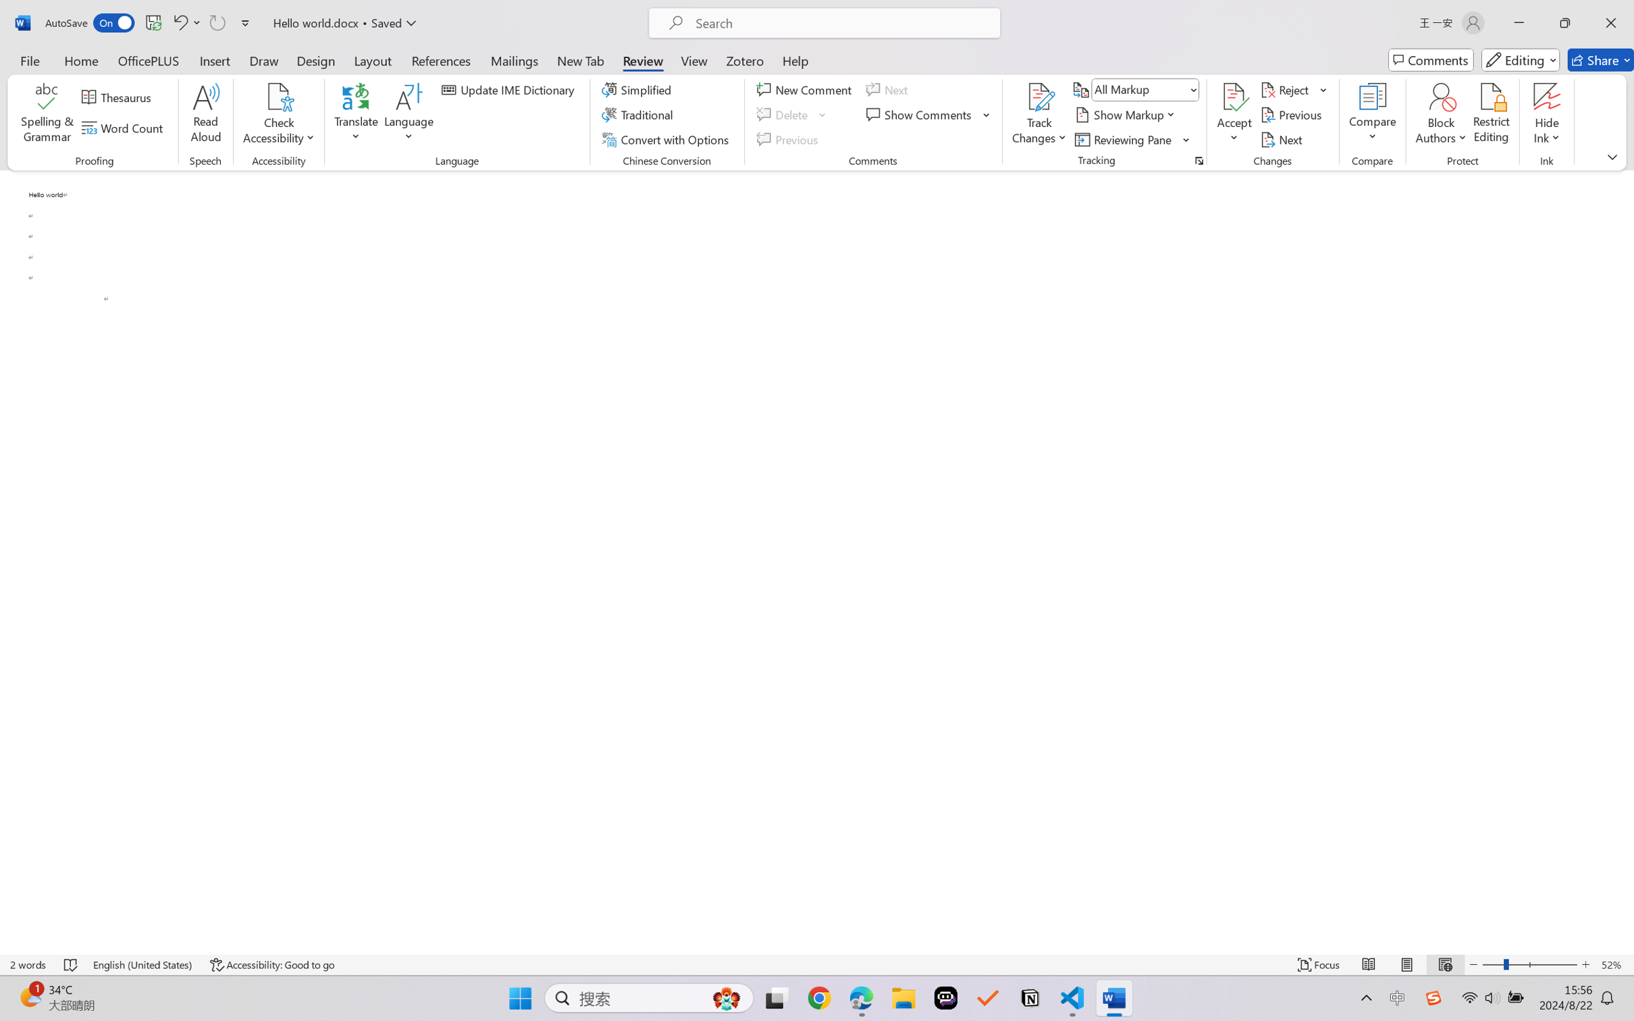 Image resolution: width=1634 pixels, height=1021 pixels. What do you see at coordinates (216, 22) in the screenshot?
I see `'Can'` at bounding box center [216, 22].